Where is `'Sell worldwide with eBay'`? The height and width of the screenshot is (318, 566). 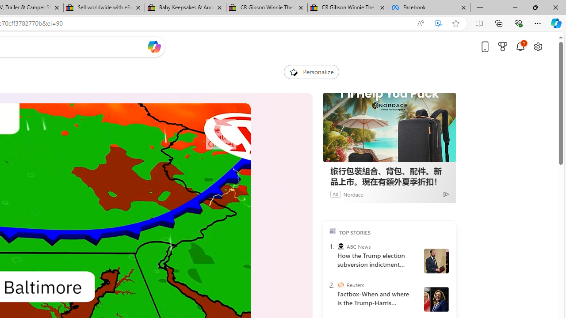
'Sell worldwide with eBay' is located at coordinates (103, 8).